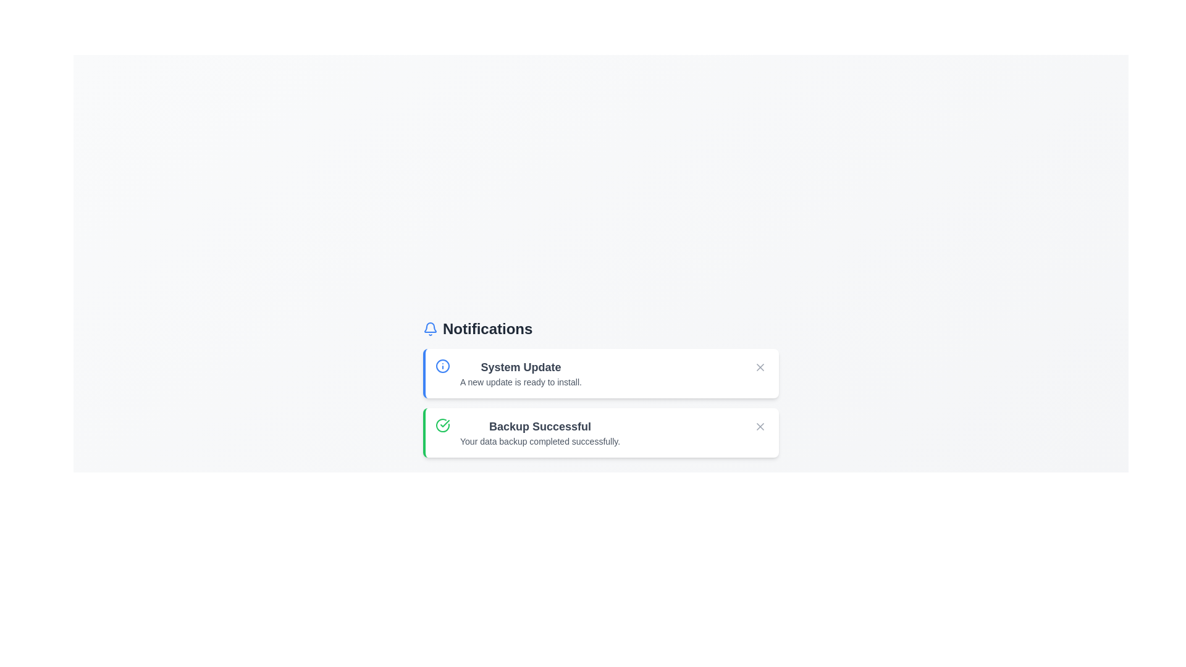 The width and height of the screenshot is (1186, 667). Describe the element at coordinates (442, 366) in the screenshot. I see `the central blue outlined SVG circle within the information icon of the 'System Update' notification card` at that location.